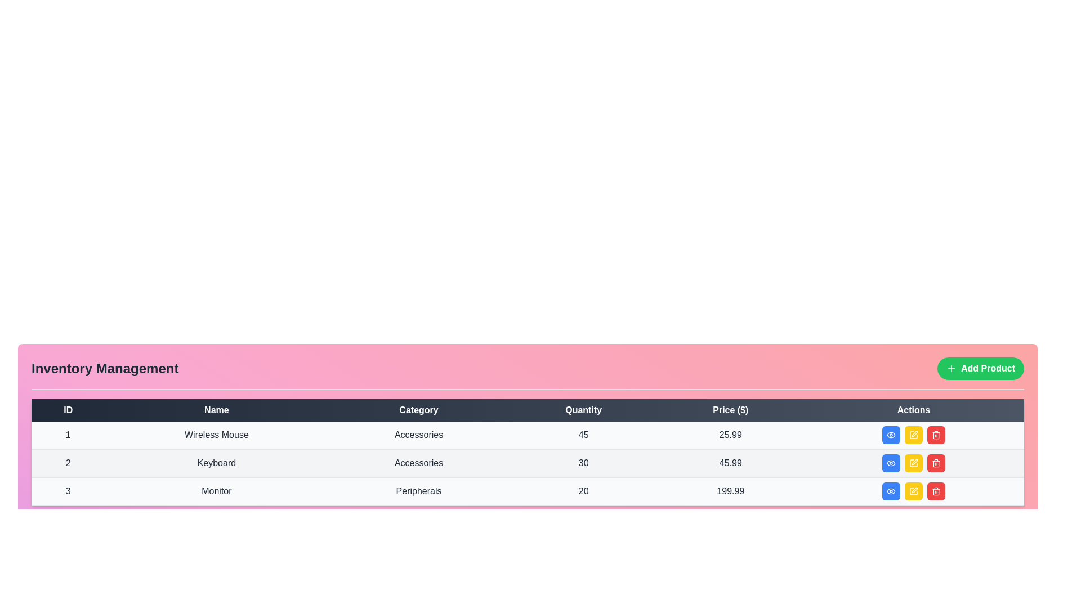 Image resolution: width=1081 pixels, height=608 pixels. I want to click on the middle button in the 'Actions' column of the second row of the table, so click(914, 463).